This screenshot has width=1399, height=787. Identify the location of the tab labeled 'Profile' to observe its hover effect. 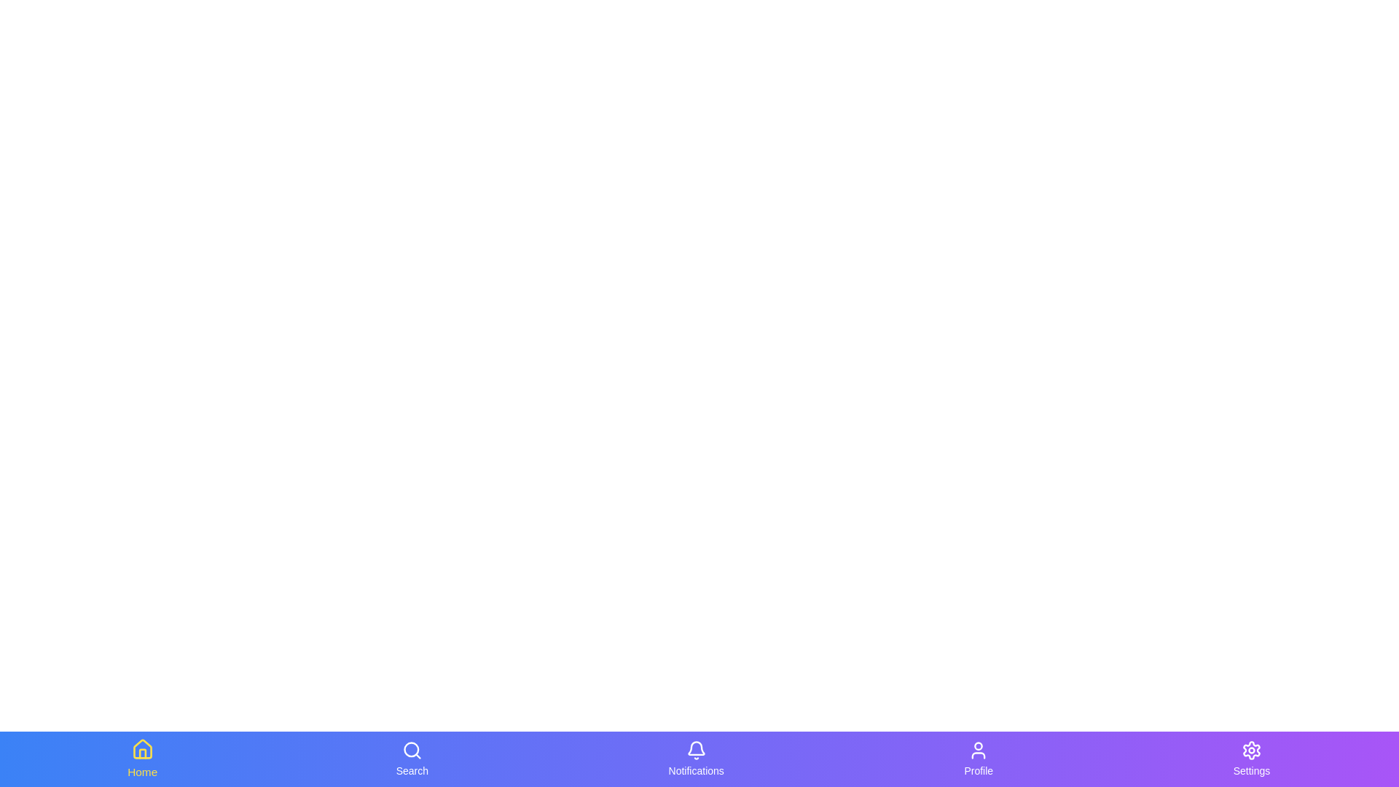
(979, 758).